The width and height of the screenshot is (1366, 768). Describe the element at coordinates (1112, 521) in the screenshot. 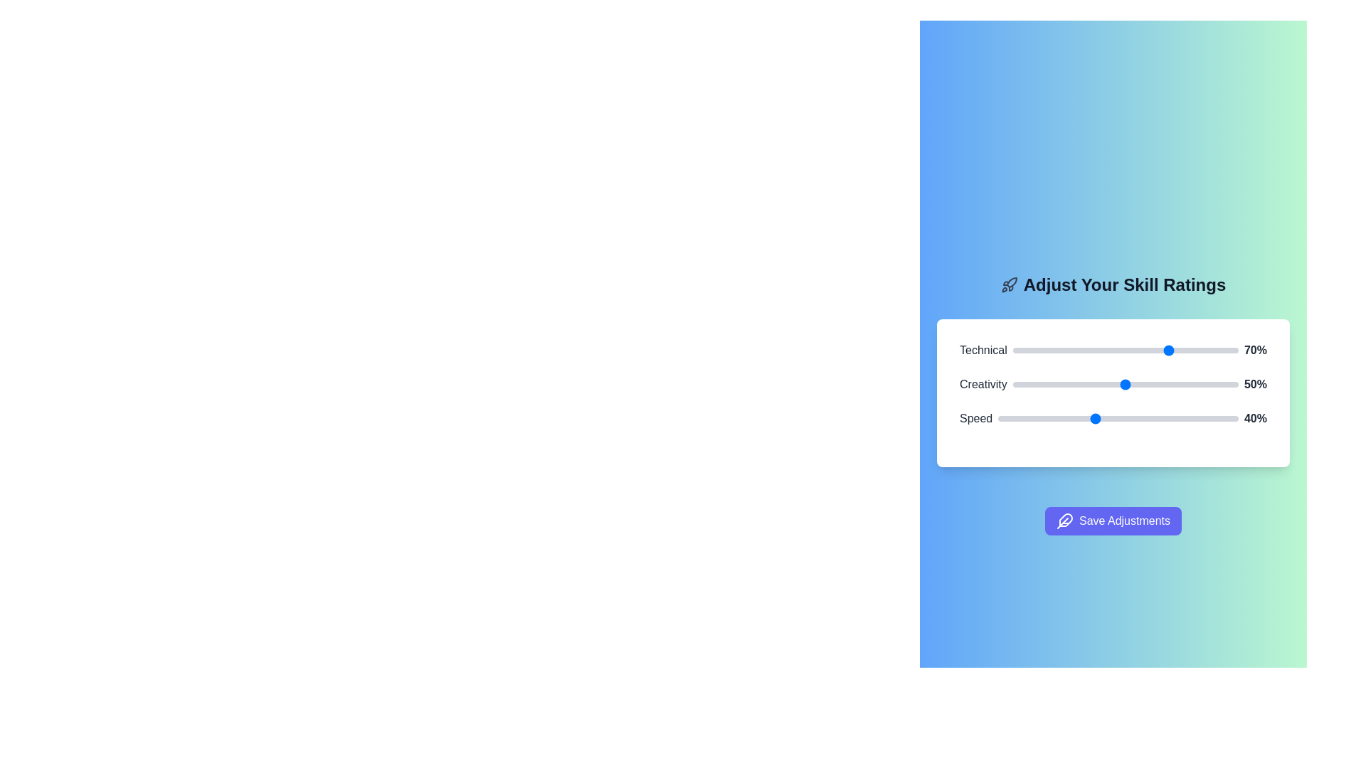

I see `the 'Save Adjustments' button` at that location.